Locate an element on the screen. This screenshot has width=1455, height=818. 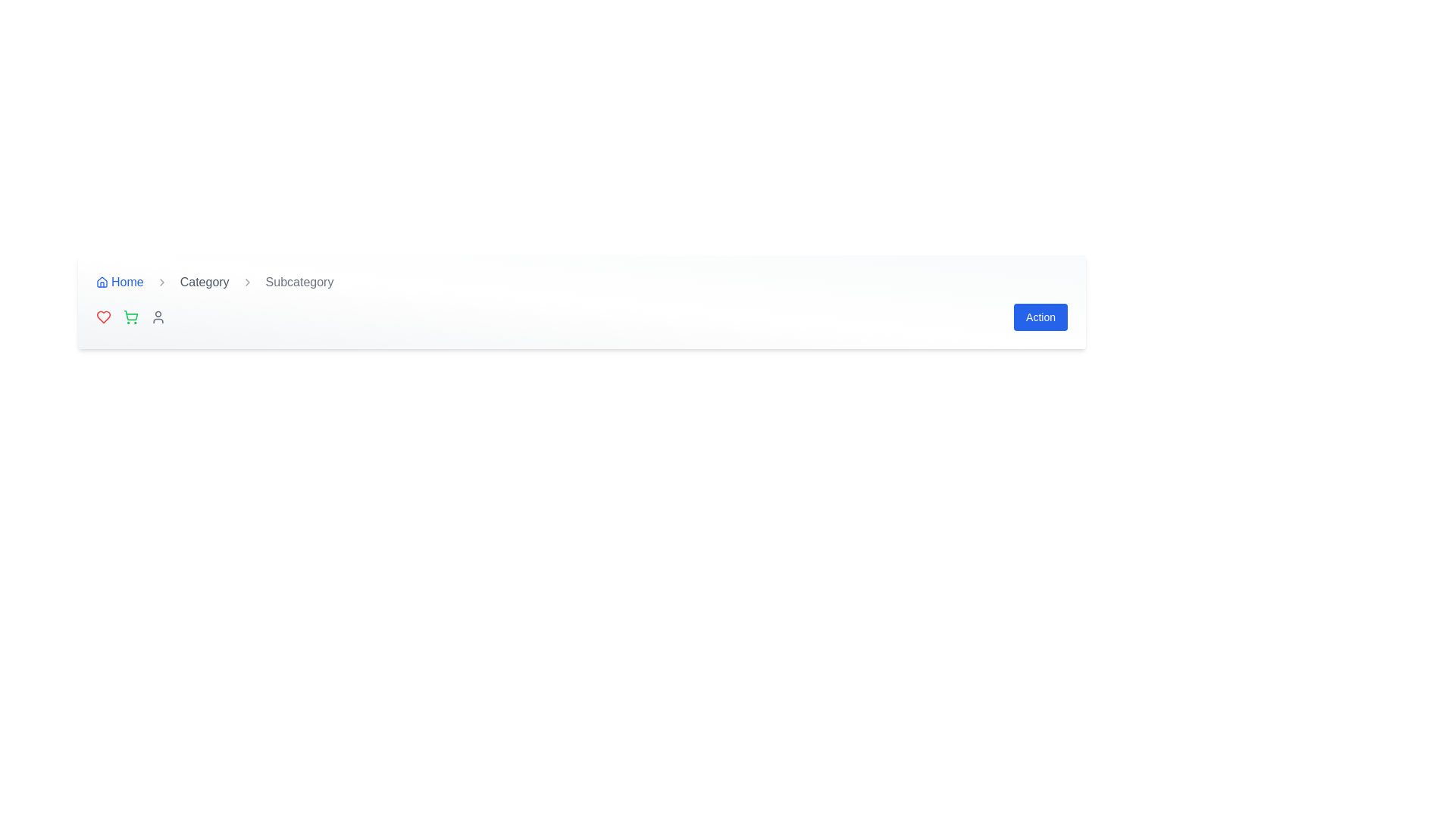
the user profile icon, depicted as a gray silhouette of a person in a circle, located as the rightmost icon among three icons at the bottom-right of the interface is located at coordinates (158, 317).